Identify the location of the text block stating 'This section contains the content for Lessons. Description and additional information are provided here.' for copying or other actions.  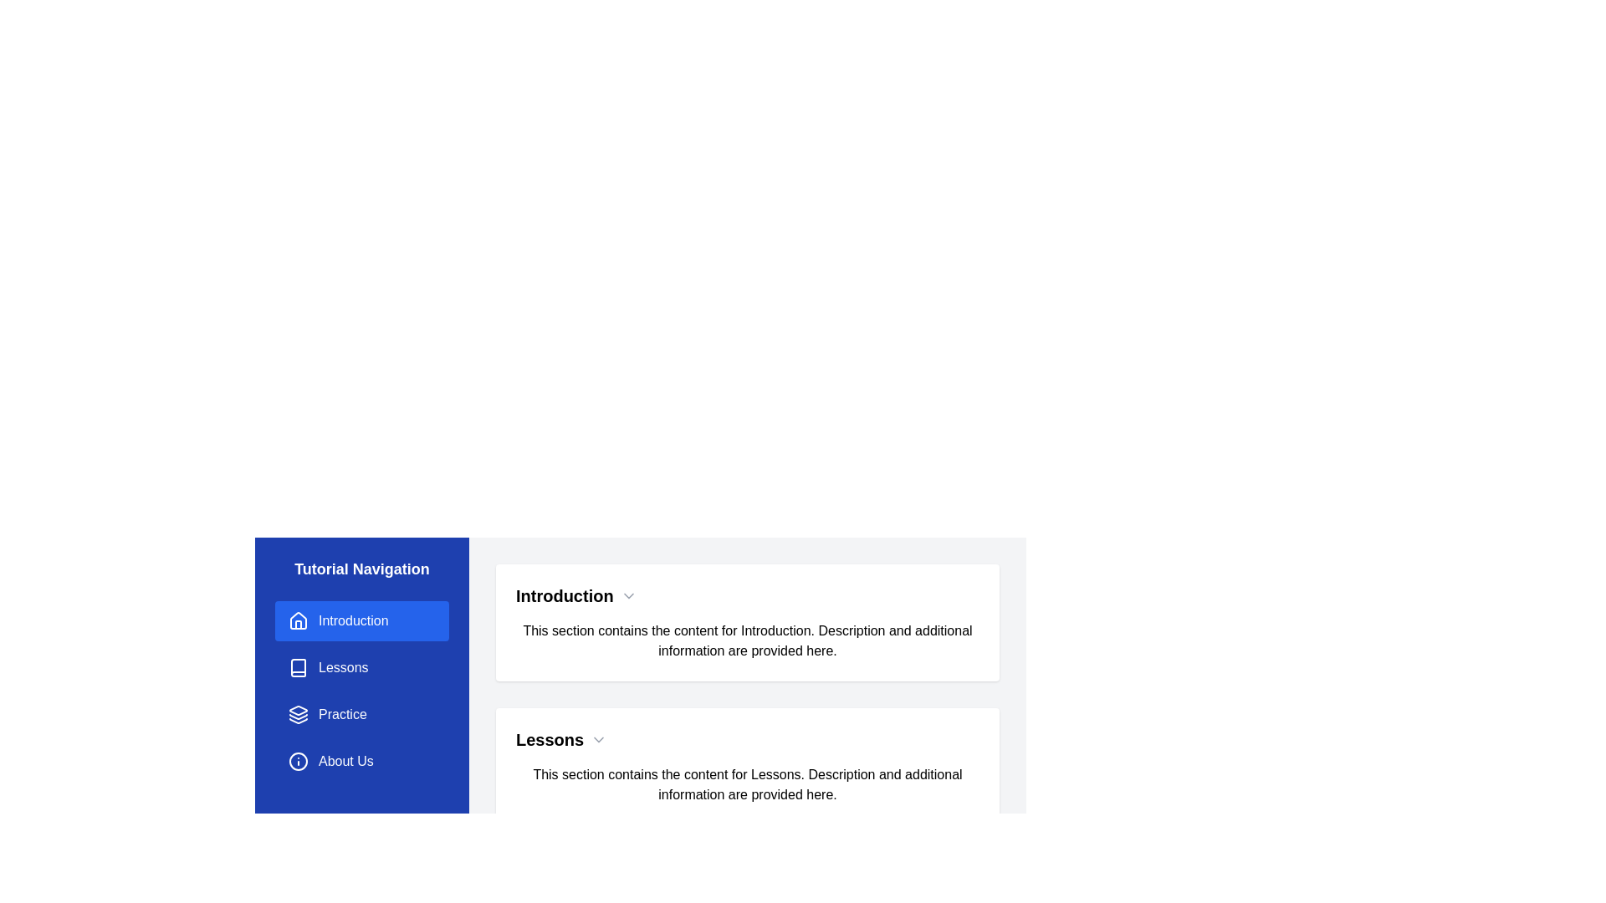
(746, 784).